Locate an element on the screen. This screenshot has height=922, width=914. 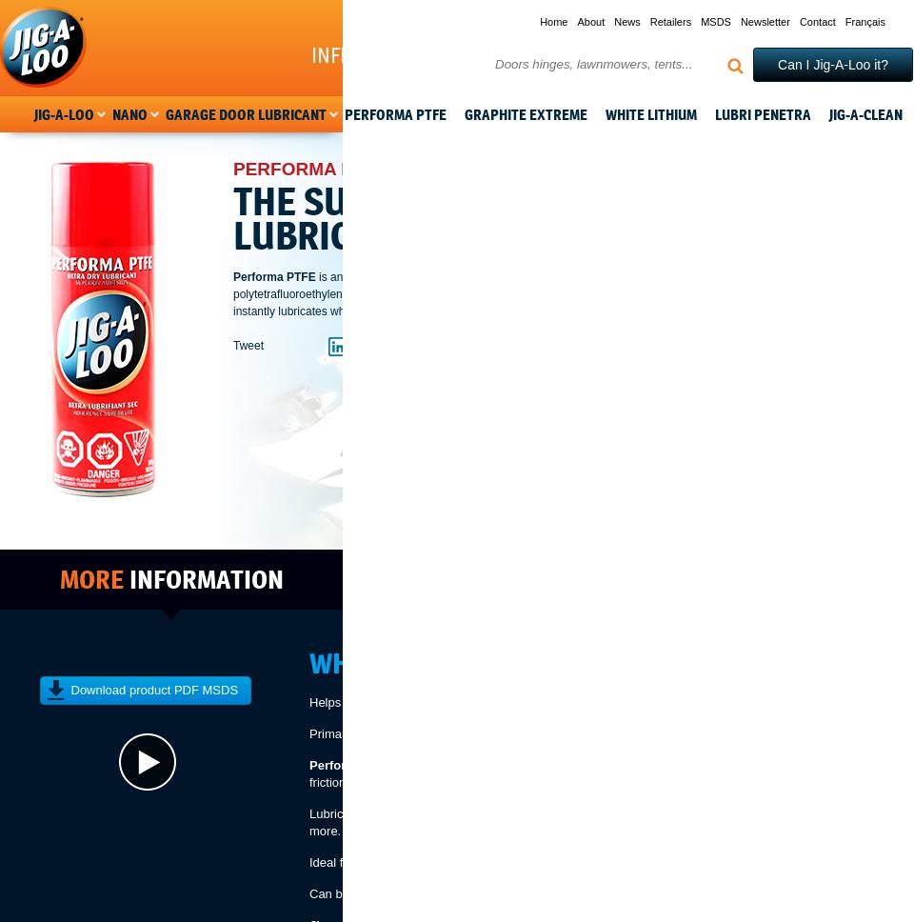
'Helps reduce the wear and tear between moving parts.' is located at coordinates (460, 702).